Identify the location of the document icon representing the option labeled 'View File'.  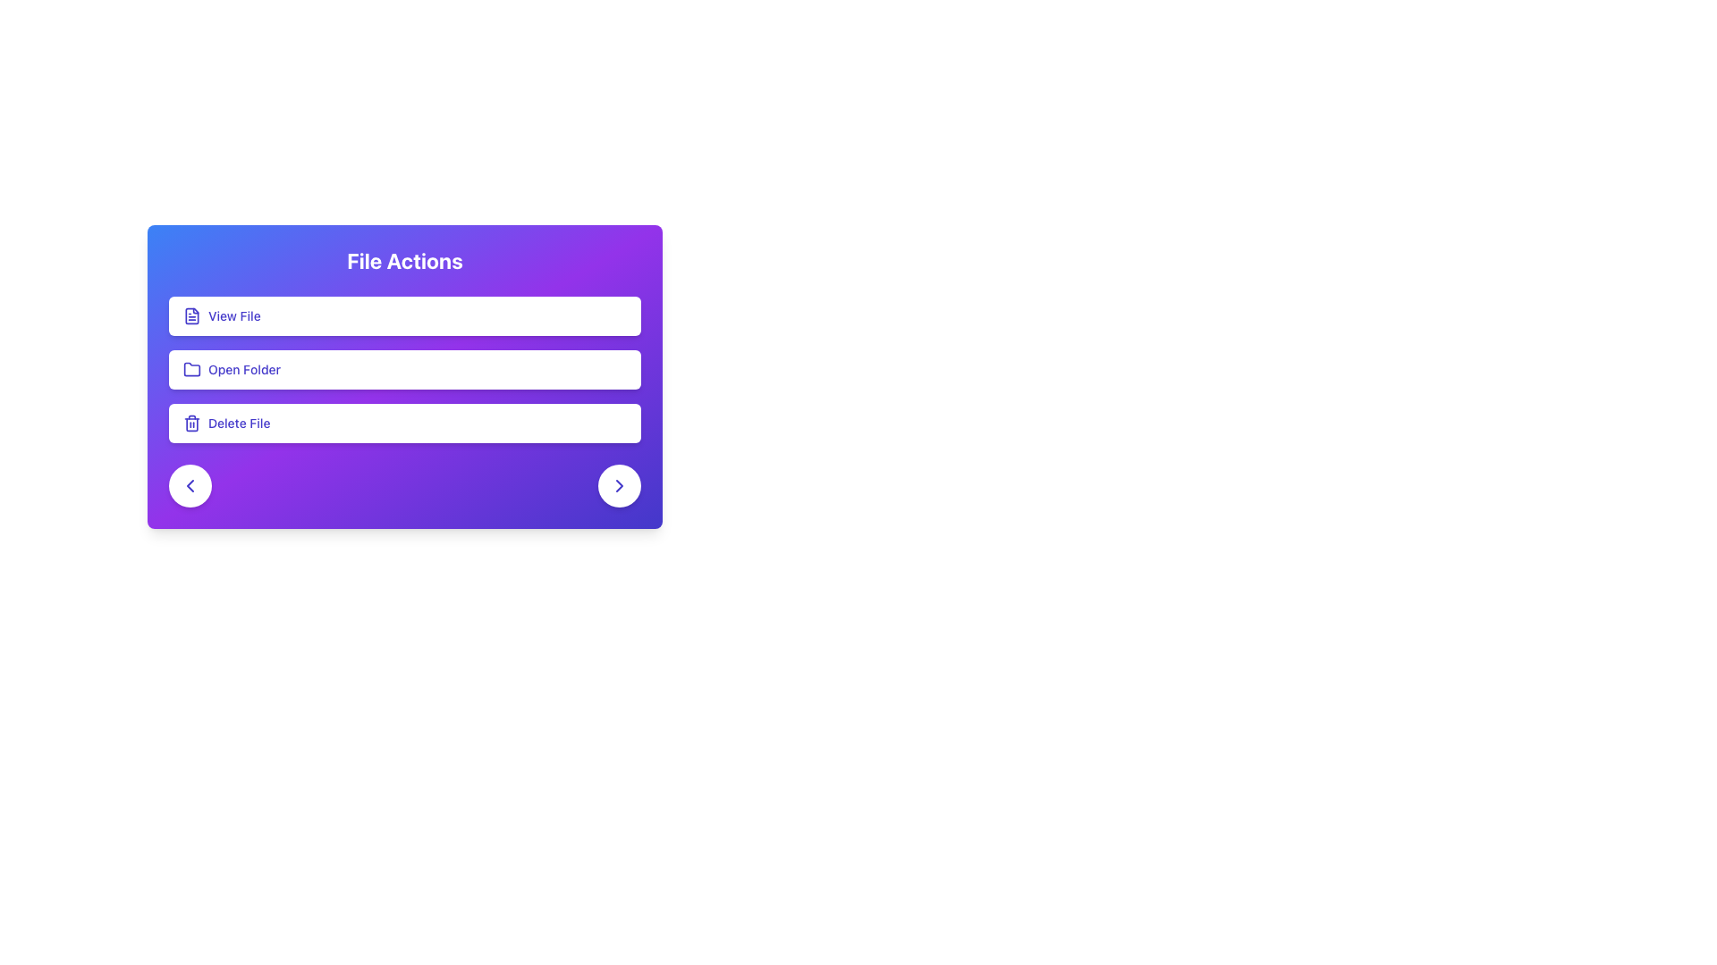
(192, 315).